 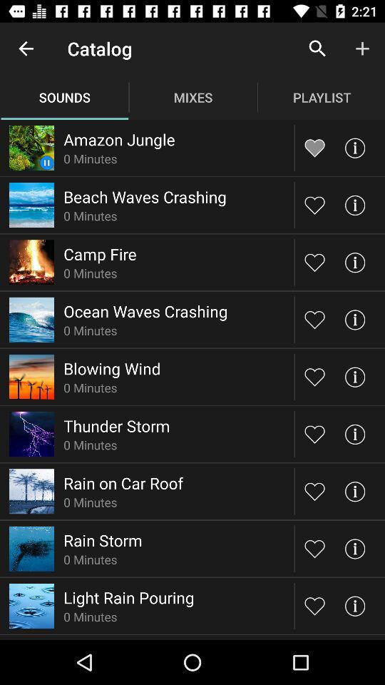 What do you see at coordinates (354, 433) in the screenshot?
I see `check info` at bounding box center [354, 433].